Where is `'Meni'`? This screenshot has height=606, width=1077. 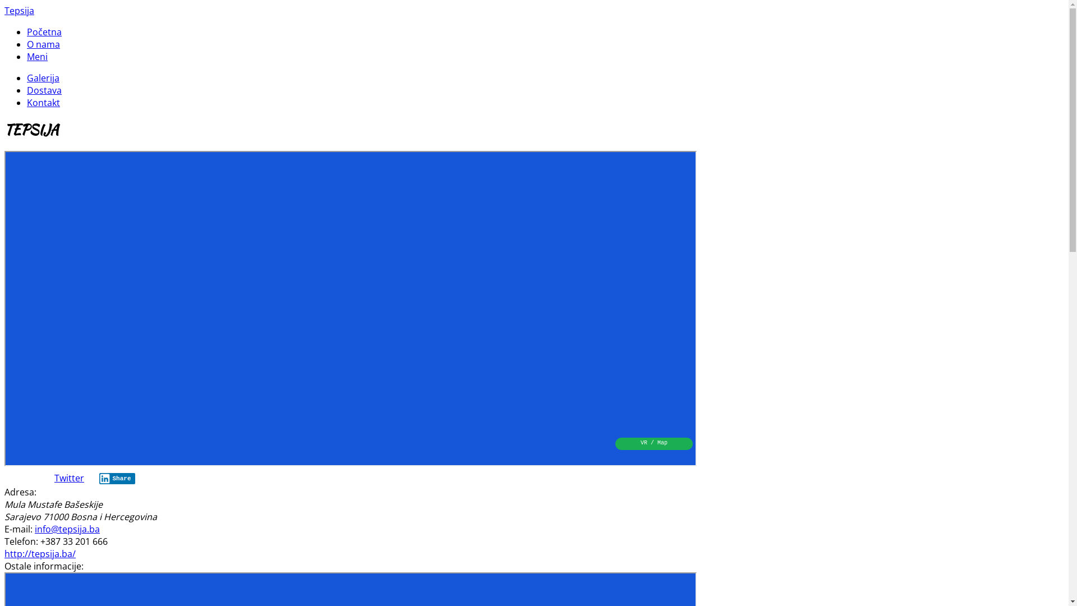
'Meni' is located at coordinates (37, 56).